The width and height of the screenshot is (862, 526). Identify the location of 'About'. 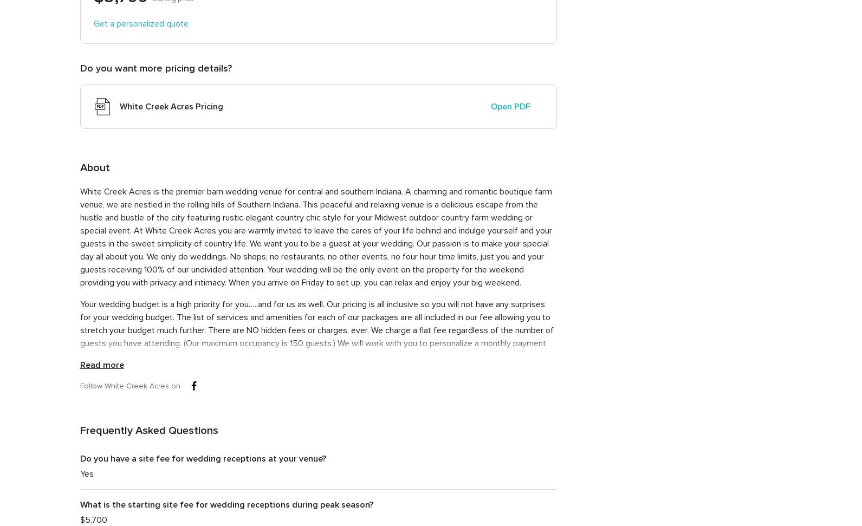
(94, 167).